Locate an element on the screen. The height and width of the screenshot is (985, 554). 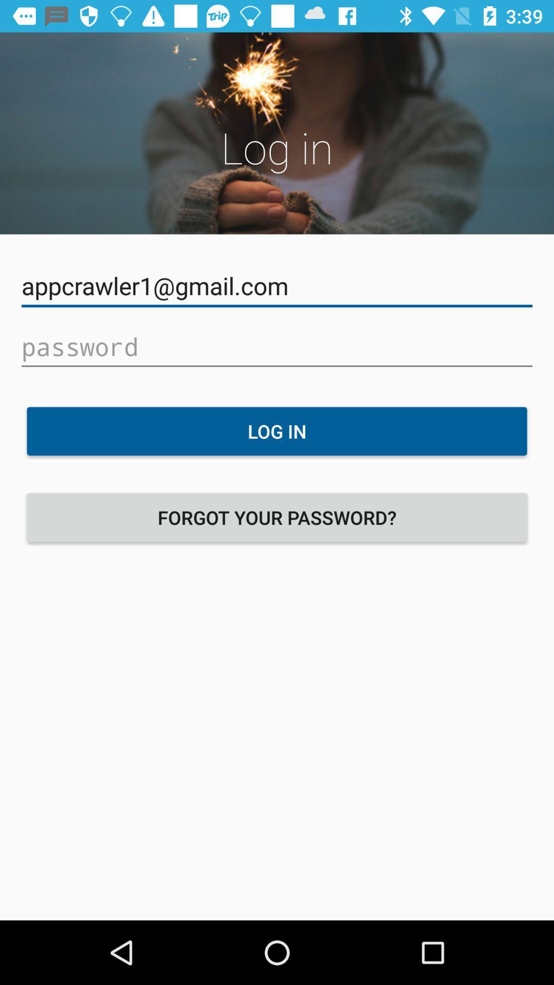
the item above the log in icon is located at coordinates (277, 347).